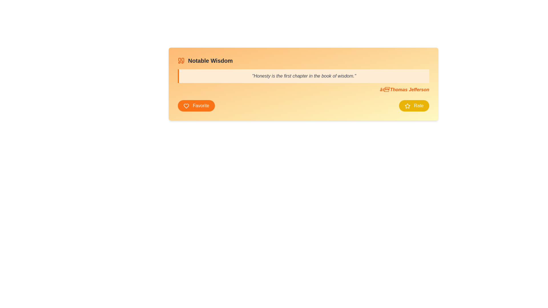 The image size is (548, 308). What do you see at coordinates (407, 106) in the screenshot?
I see `the yellow star icon located inside the 'Rate' button at the bottom right corner of the quote card` at bounding box center [407, 106].